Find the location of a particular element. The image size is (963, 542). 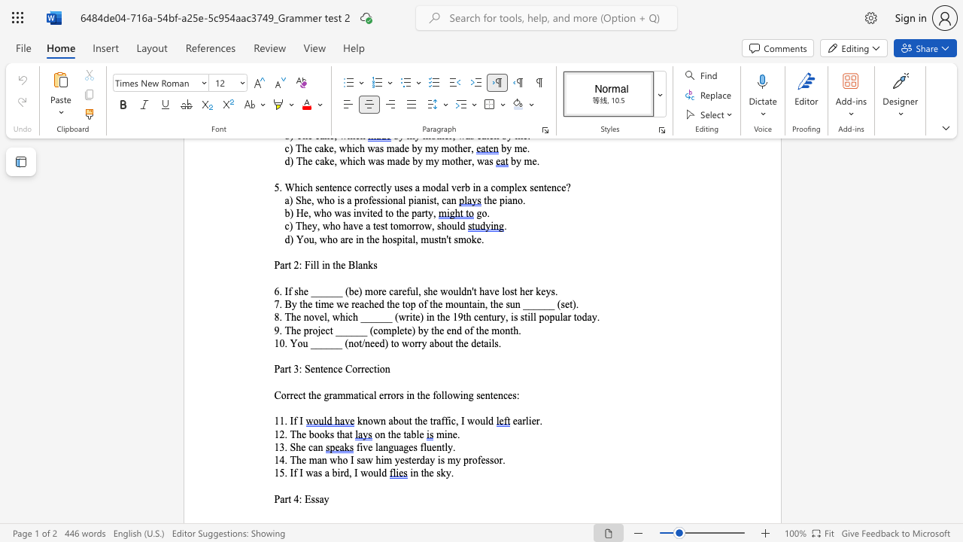

the subset text "or." within the text "14. The man who I saw him yesterday is my professor." is located at coordinates (494, 459).